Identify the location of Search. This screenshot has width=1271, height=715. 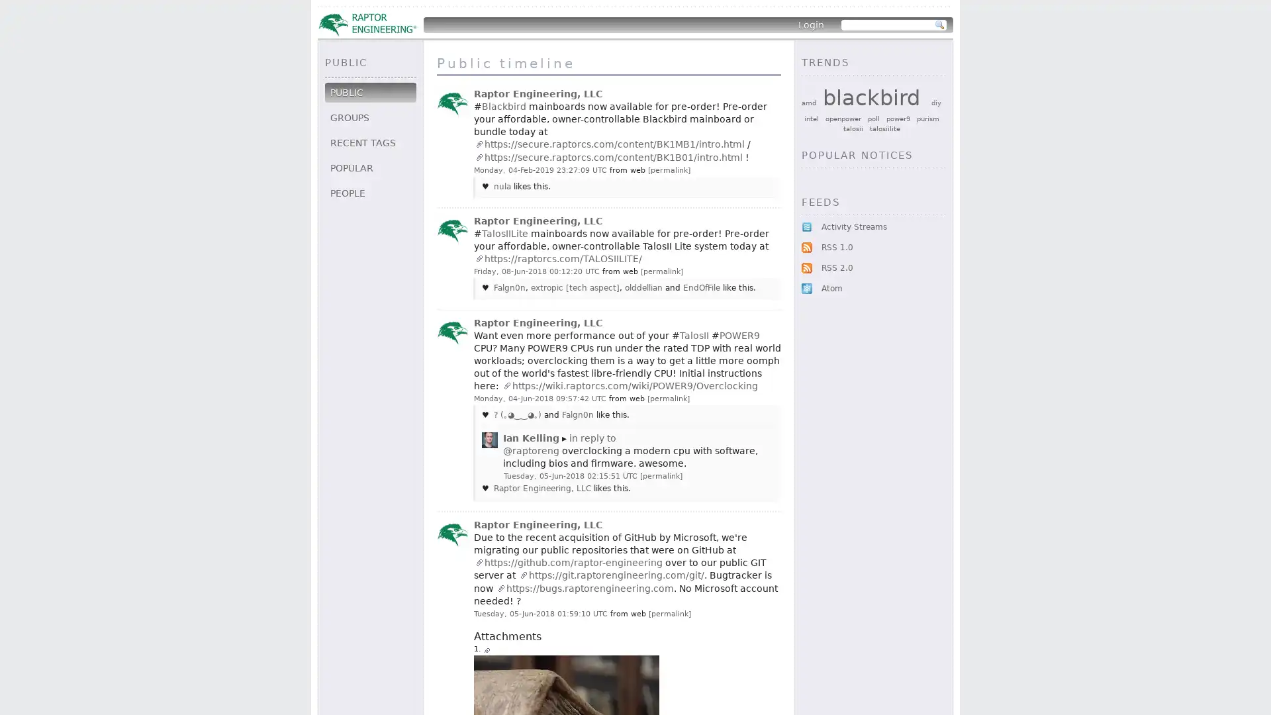
(939, 25).